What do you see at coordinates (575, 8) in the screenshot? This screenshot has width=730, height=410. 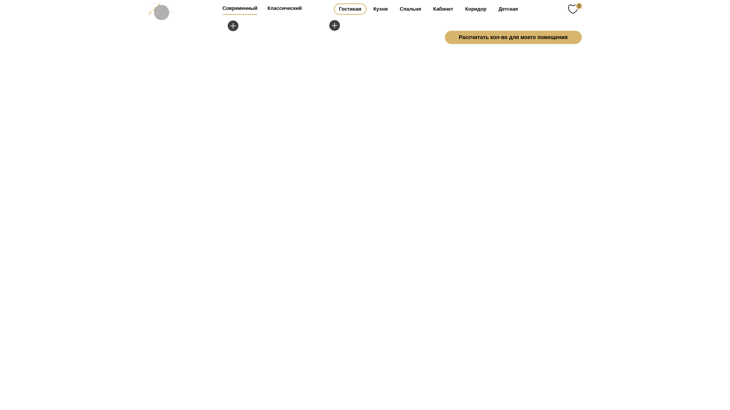 I see `'0'` at bounding box center [575, 8].